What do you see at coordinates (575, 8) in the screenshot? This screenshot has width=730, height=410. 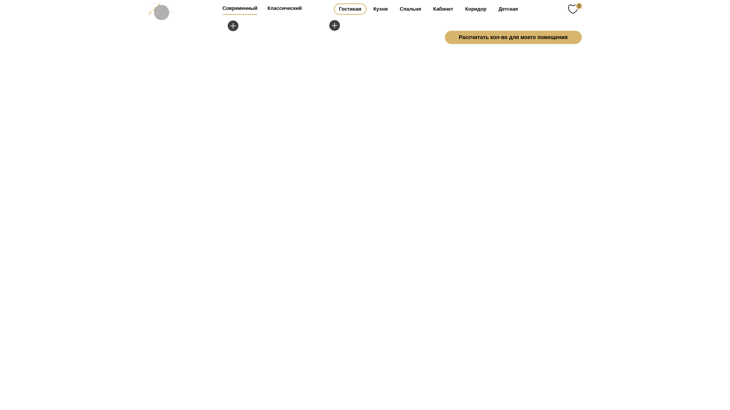 I see `'0'` at bounding box center [575, 8].